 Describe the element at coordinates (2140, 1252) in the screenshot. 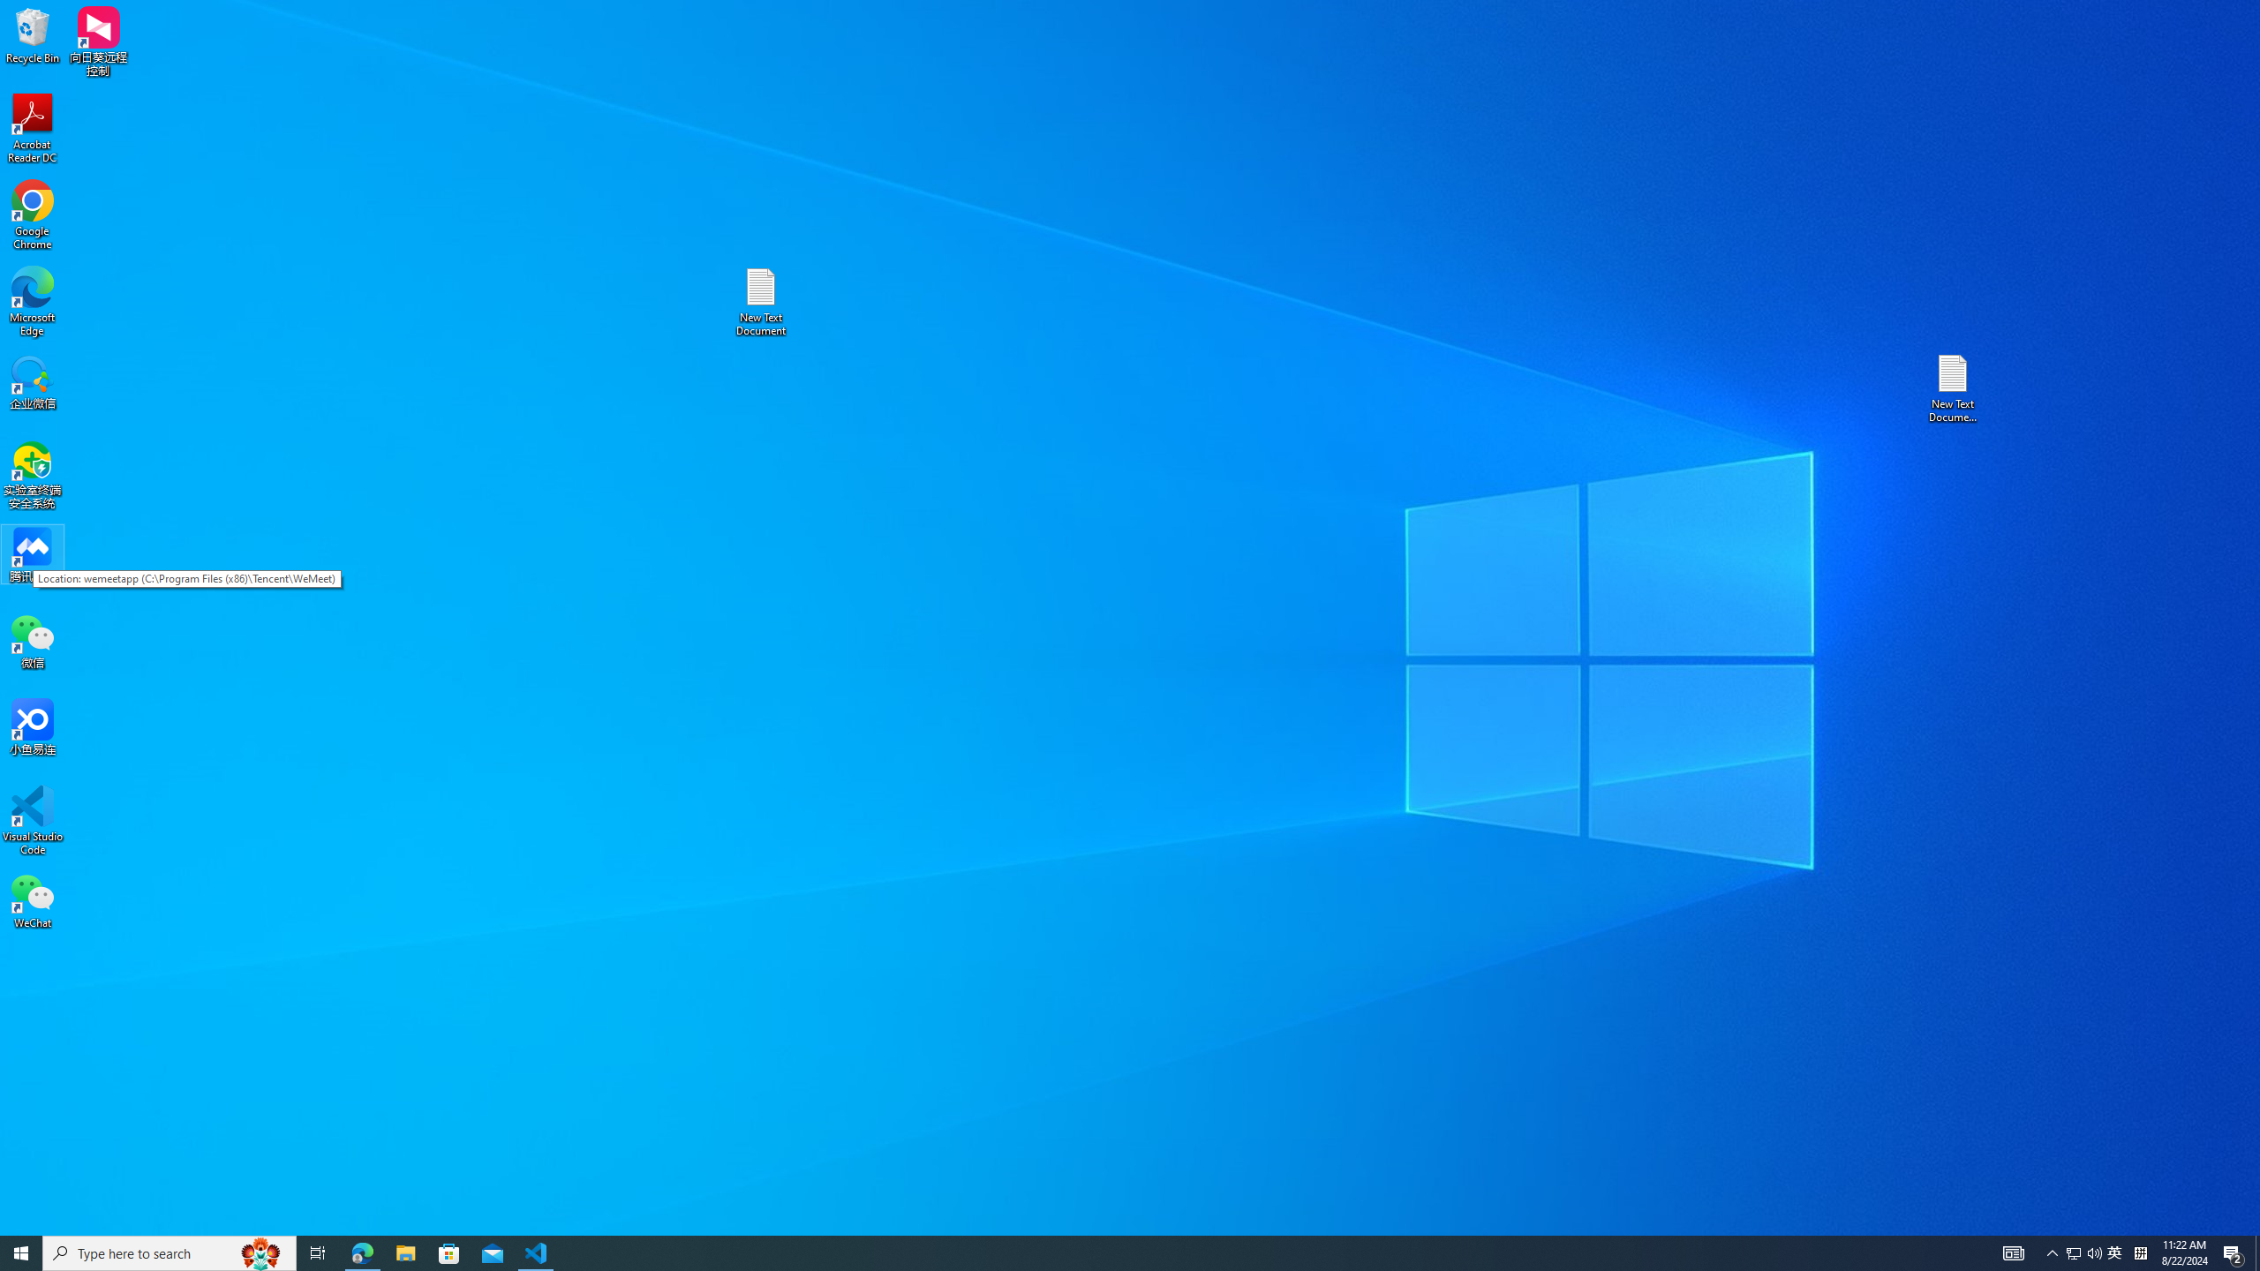

I see `'Tray Input Indicator - Chinese (Simplified, China)'` at that location.